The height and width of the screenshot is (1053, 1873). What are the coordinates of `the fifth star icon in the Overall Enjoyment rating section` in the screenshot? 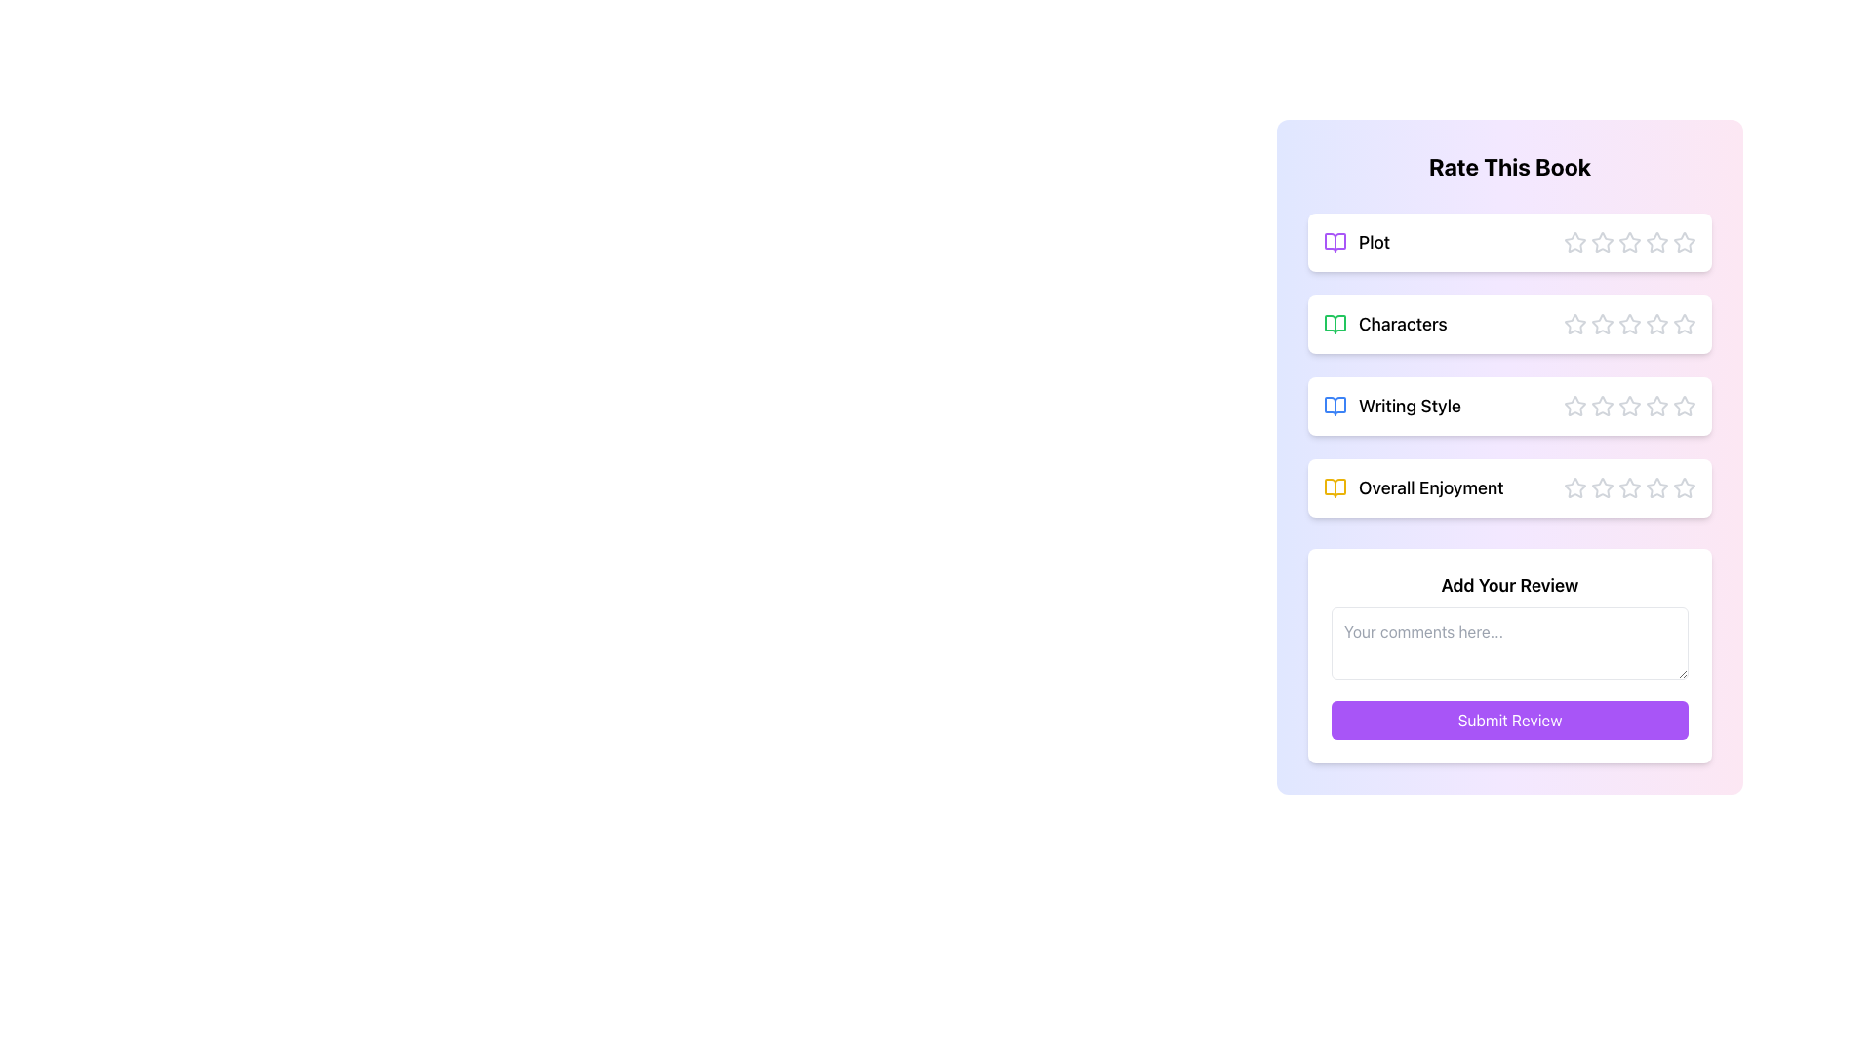 It's located at (1656, 487).